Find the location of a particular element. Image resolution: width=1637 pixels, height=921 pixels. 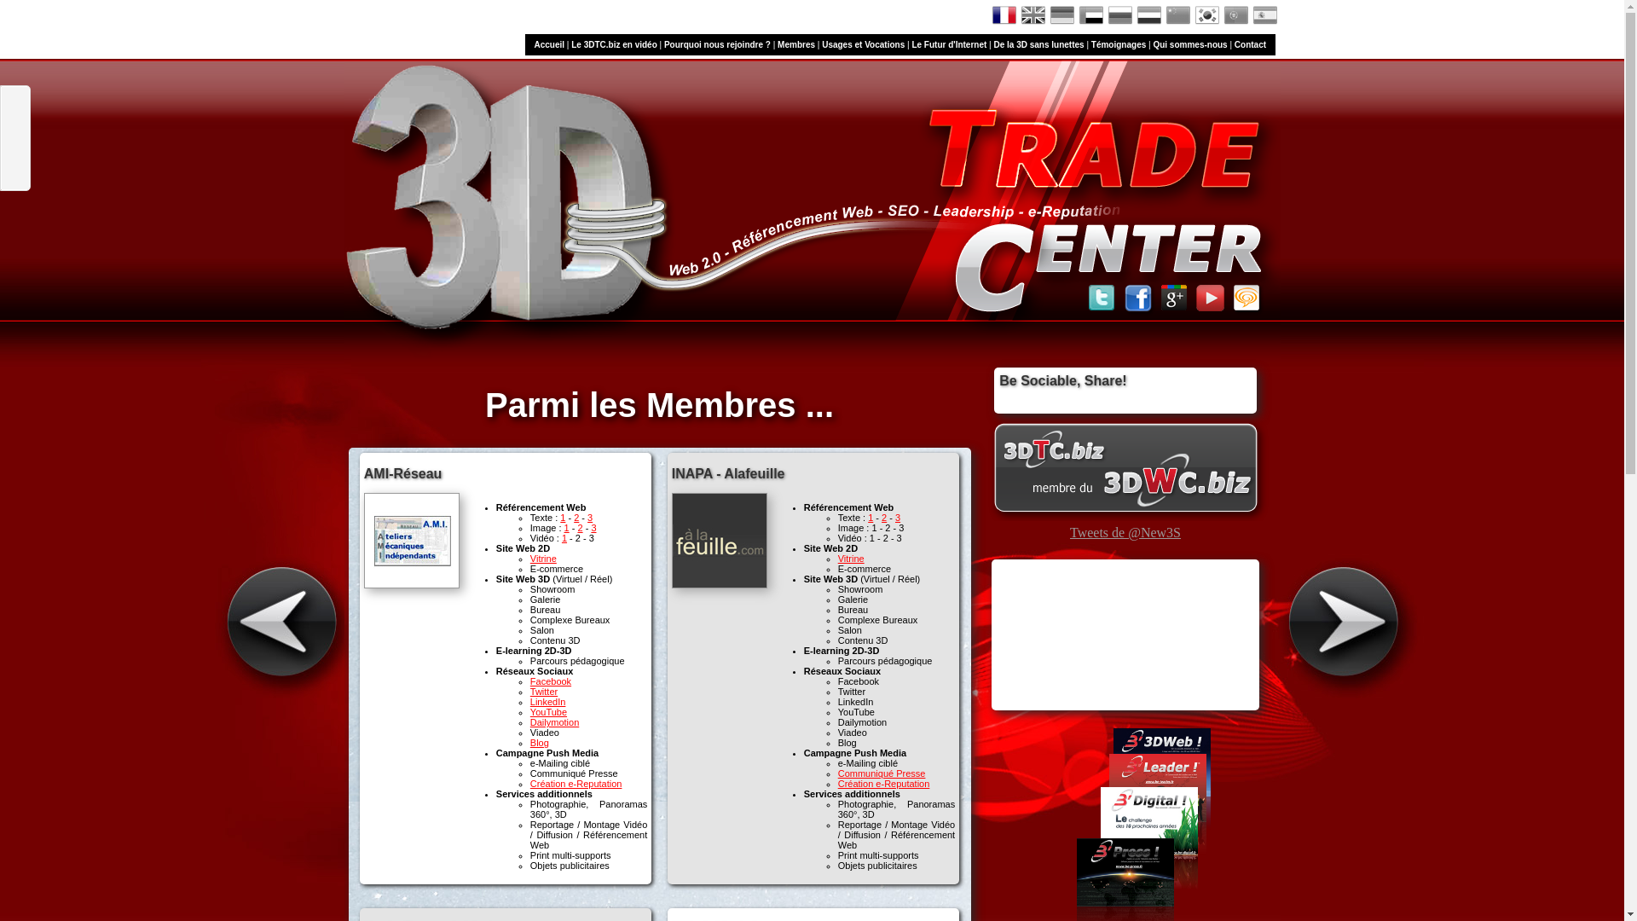

'Pourquoi nous rejoindre ?' is located at coordinates (717, 43).